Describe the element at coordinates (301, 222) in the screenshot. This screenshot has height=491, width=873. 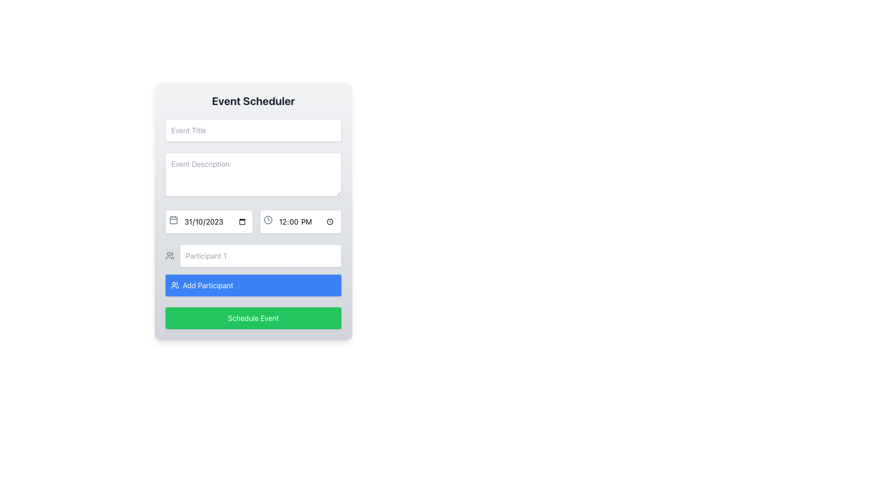
I see `the Time input field, the second interactive field in the form` at that location.